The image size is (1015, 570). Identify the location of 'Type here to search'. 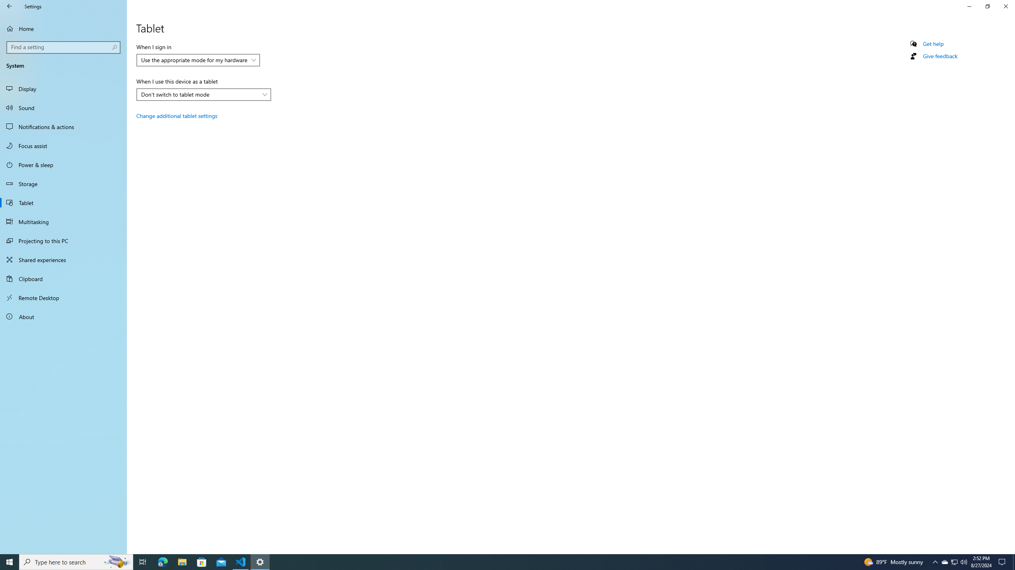
(76, 561).